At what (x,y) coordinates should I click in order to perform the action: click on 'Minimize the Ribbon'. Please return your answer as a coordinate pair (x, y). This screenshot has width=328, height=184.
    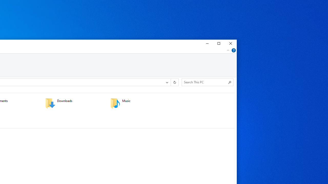
    Looking at the image, I should click on (228, 50).